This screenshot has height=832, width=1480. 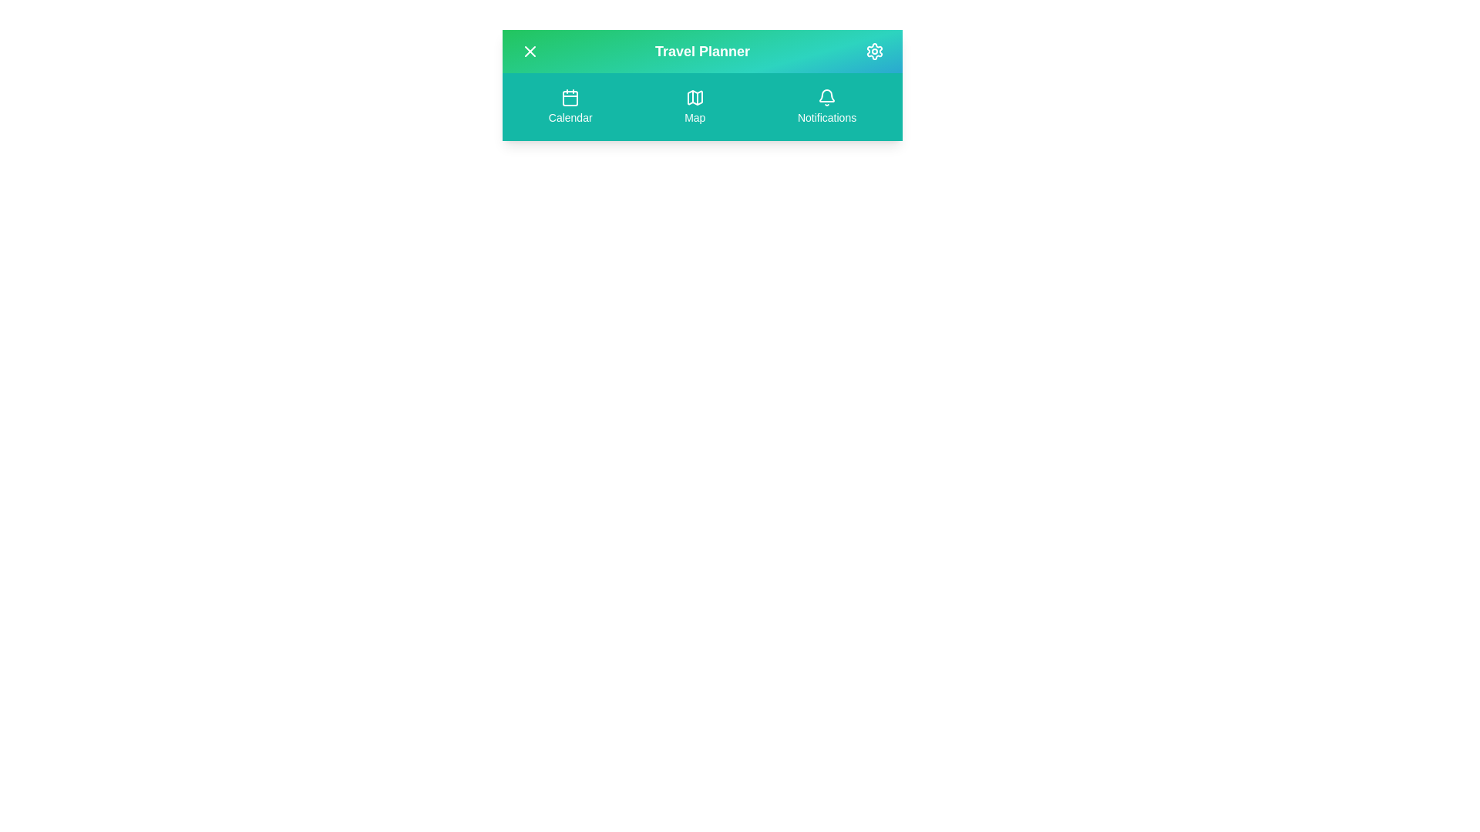 I want to click on the Notifications navigation button, so click(x=826, y=106).